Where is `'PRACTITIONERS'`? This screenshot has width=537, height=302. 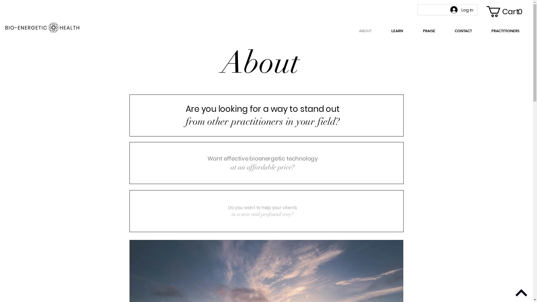 'PRACTITIONERS' is located at coordinates (481, 31).